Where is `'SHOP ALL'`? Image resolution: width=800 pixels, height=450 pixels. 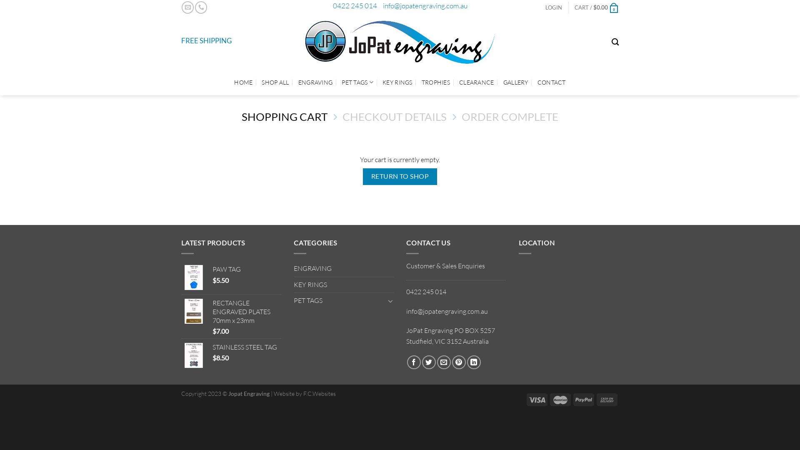 'SHOP ALL' is located at coordinates (275, 82).